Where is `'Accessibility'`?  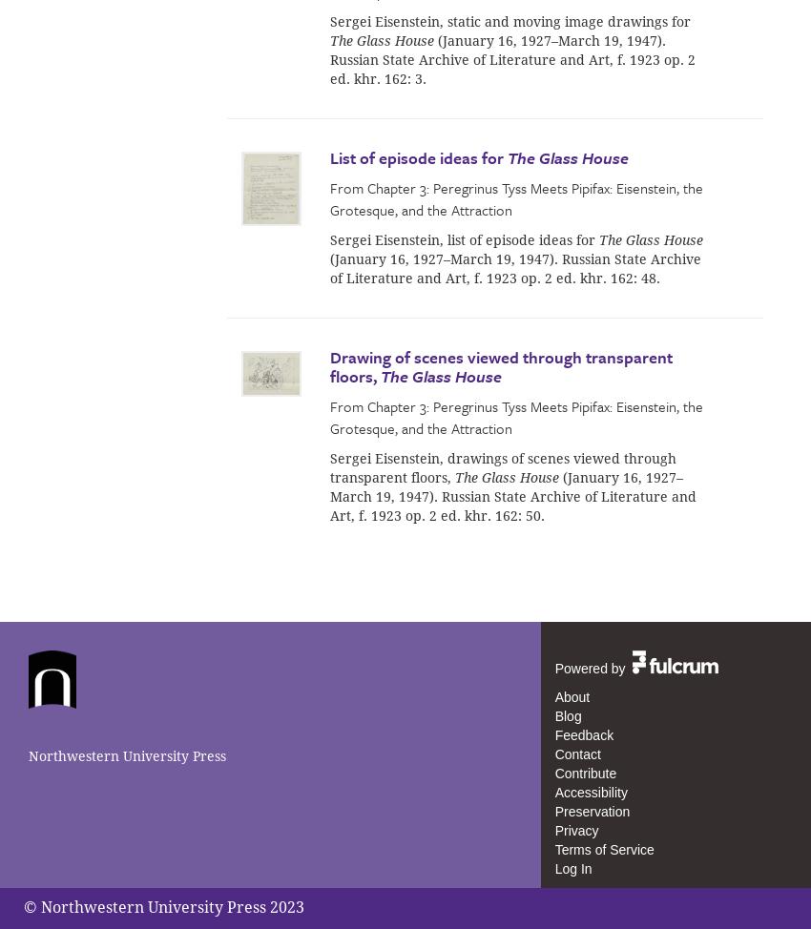
'Accessibility' is located at coordinates (553, 792).